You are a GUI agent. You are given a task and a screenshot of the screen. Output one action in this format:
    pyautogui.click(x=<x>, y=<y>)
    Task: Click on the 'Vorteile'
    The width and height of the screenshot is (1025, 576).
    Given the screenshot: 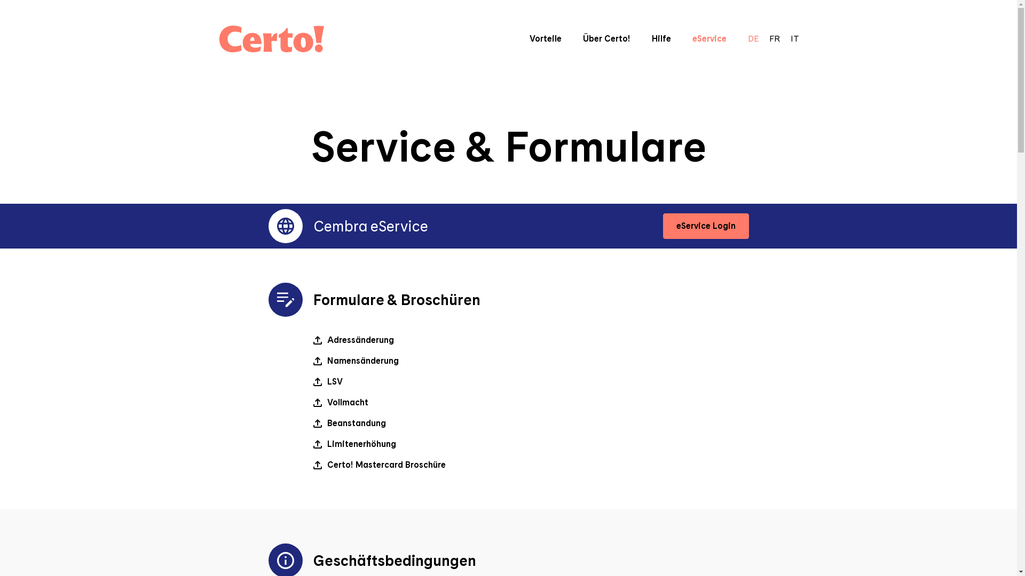 What is the action you would take?
    pyautogui.click(x=546, y=38)
    